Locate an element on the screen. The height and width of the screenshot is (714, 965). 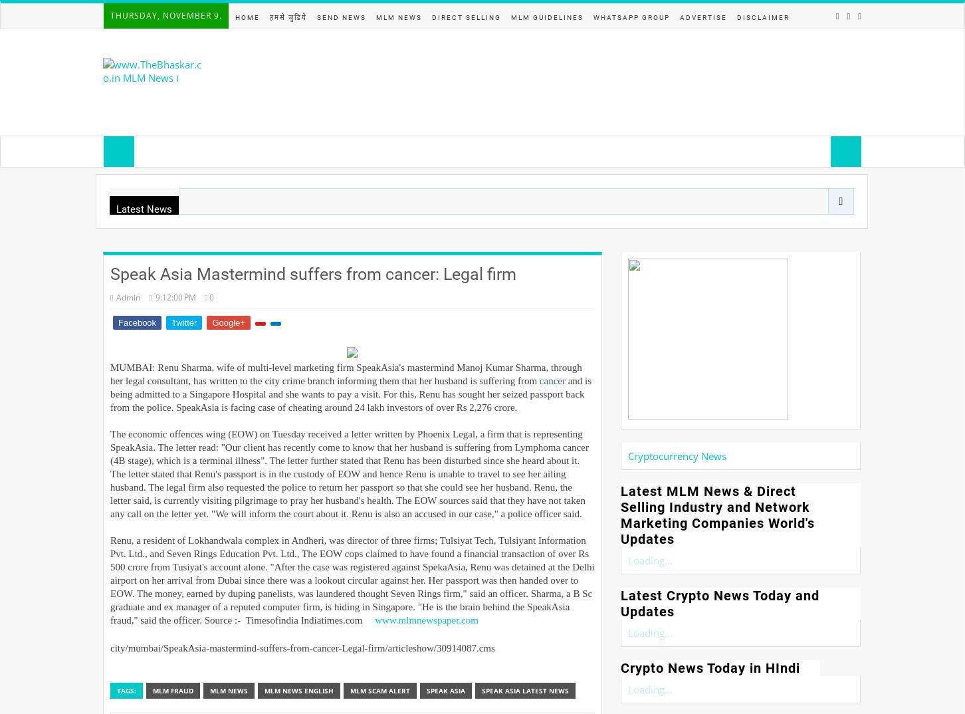
'www.mlmnewspaper.com' is located at coordinates (425, 620).